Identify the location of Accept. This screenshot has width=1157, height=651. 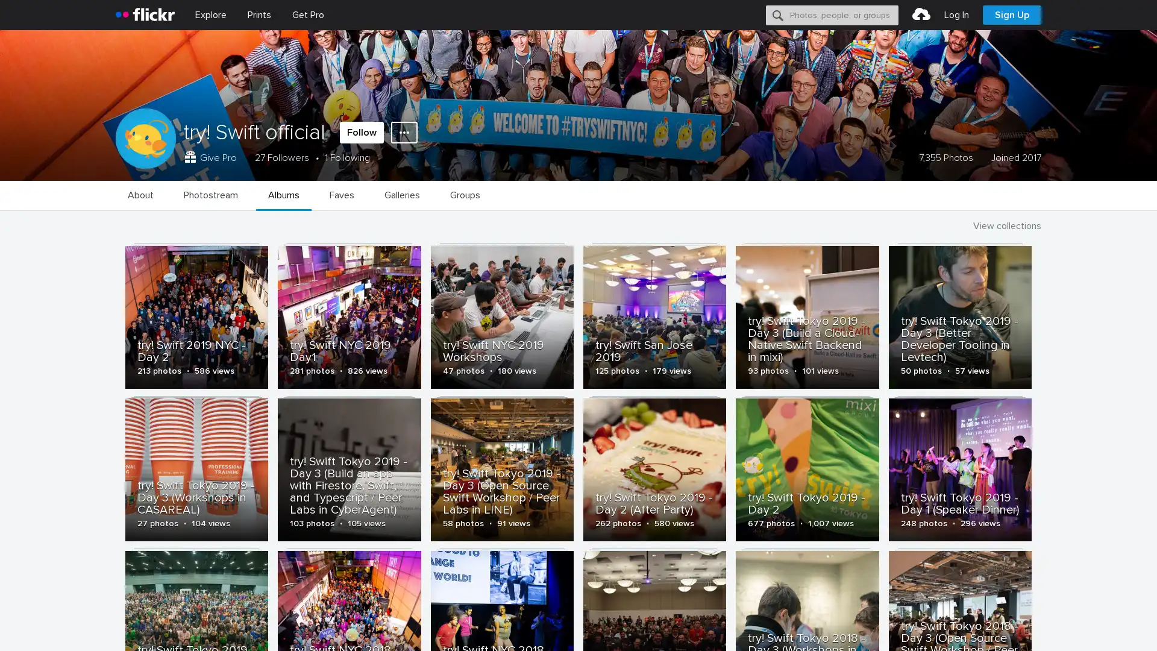
(919, 627).